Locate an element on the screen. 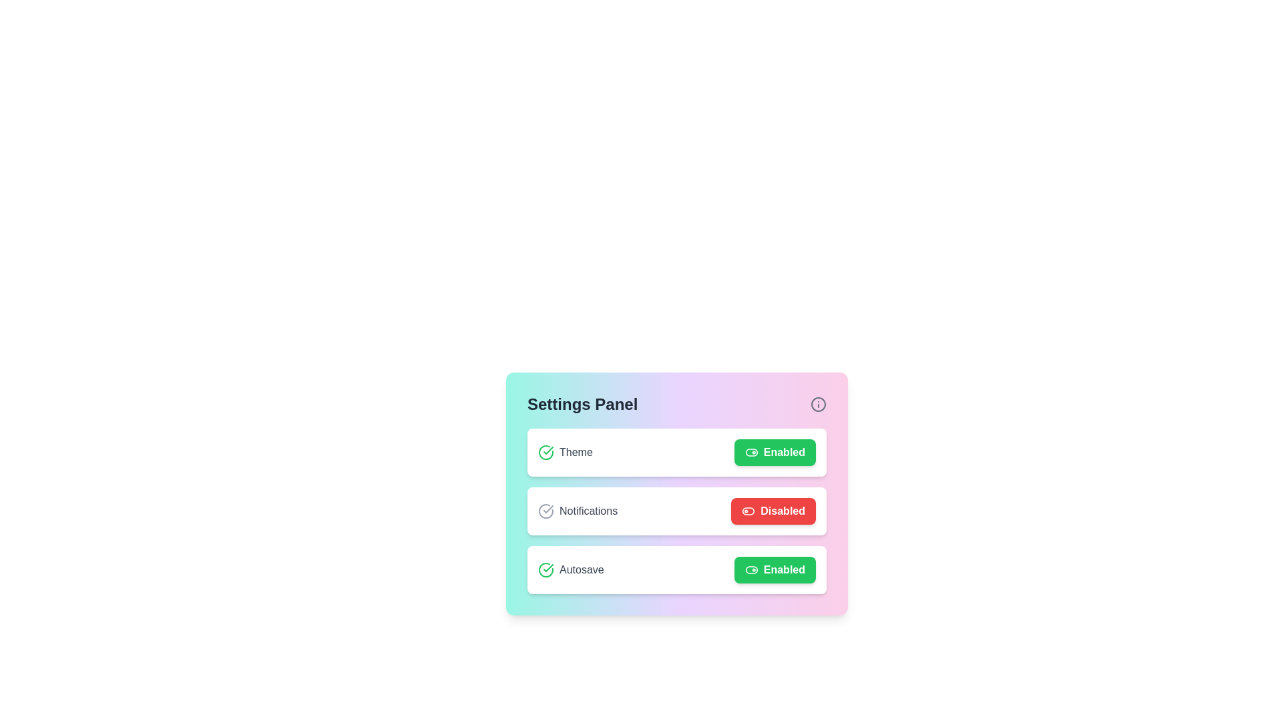 The image size is (1282, 721). the setting item Theme is located at coordinates (676, 452).